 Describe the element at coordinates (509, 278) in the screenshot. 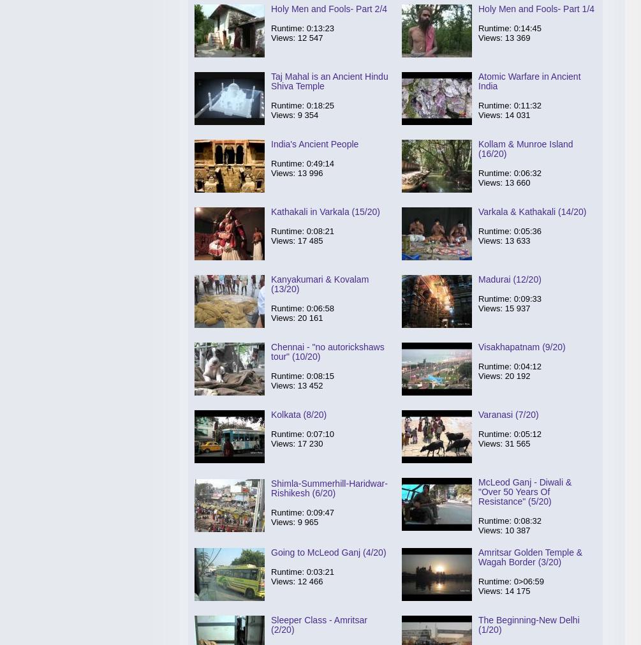

I see `'Madurai (12/20)'` at that location.